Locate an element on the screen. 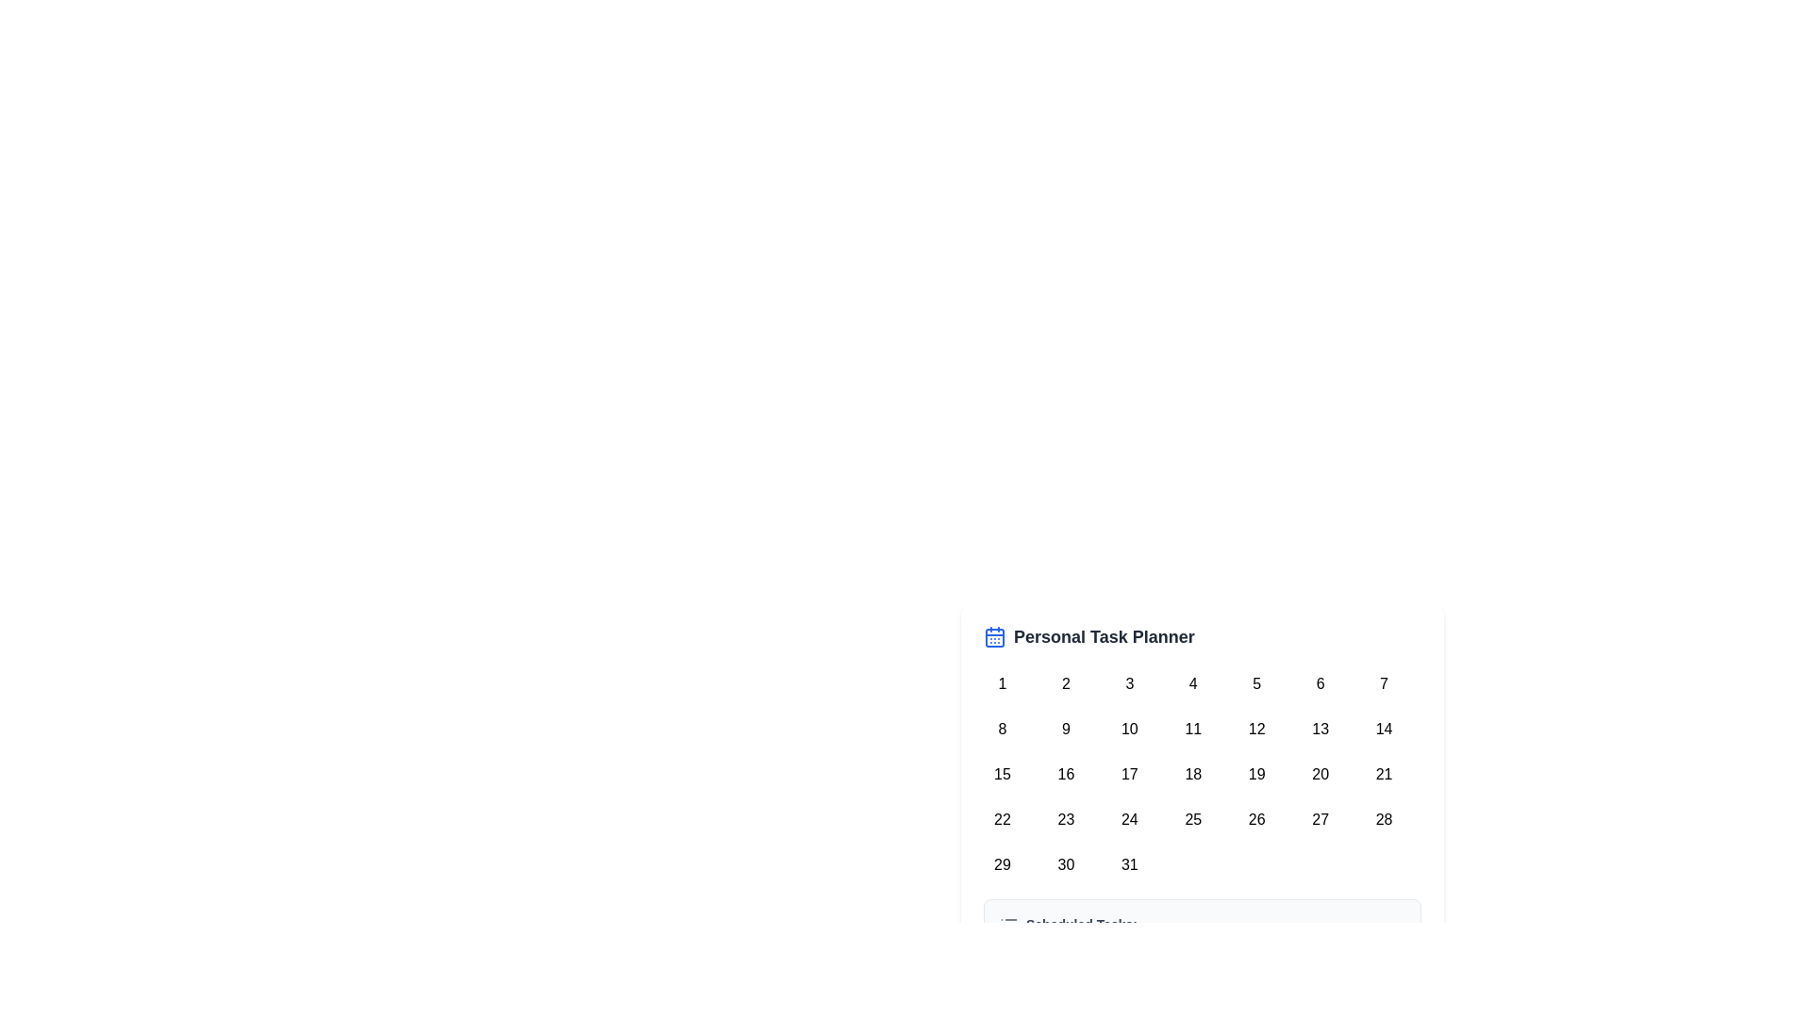  the button representing the third day in the calendar grid under the 'Personal Task Planner' heading is located at coordinates (1129, 683).